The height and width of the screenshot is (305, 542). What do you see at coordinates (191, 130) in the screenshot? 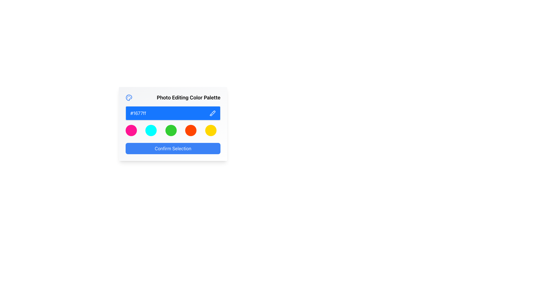
I see `the circular orange button, which is the fourth item in a horizontal group of five circles` at bounding box center [191, 130].